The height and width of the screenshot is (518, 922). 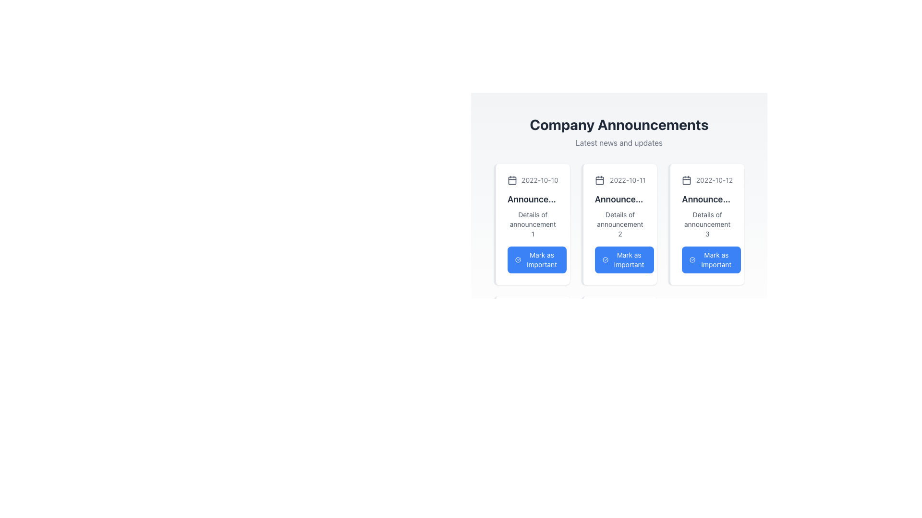 What do you see at coordinates (686, 180) in the screenshot?
I see `the calendar icon, which is a rectangular shape with rounded corners located at the top-left corner of the date card displaying '2022-10-12'` at bounding box center [686, 180].